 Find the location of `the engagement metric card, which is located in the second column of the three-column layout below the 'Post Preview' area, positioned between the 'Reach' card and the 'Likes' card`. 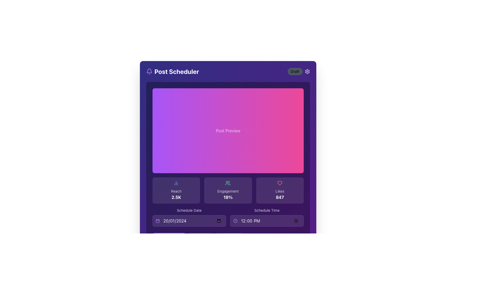

the engagement metric card, which is located in the second column of the three-column layout below the 'Post Preview' area, positioned between the 'Reach' card and the 'Likes' card is located at coordinates (228, 190).